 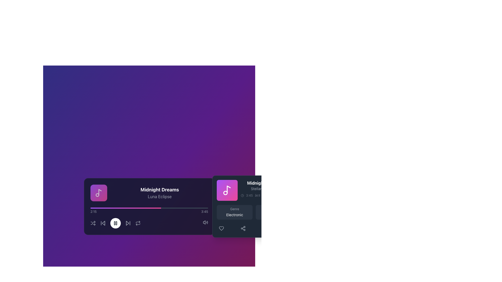 What do you see at coordinates (205, 222) in the screenshot?
I see `the volume icon button, which features a gray speaker symbol with sound waves, located on the bottom-right corner of the player interface` at bounding box center [205, 222].